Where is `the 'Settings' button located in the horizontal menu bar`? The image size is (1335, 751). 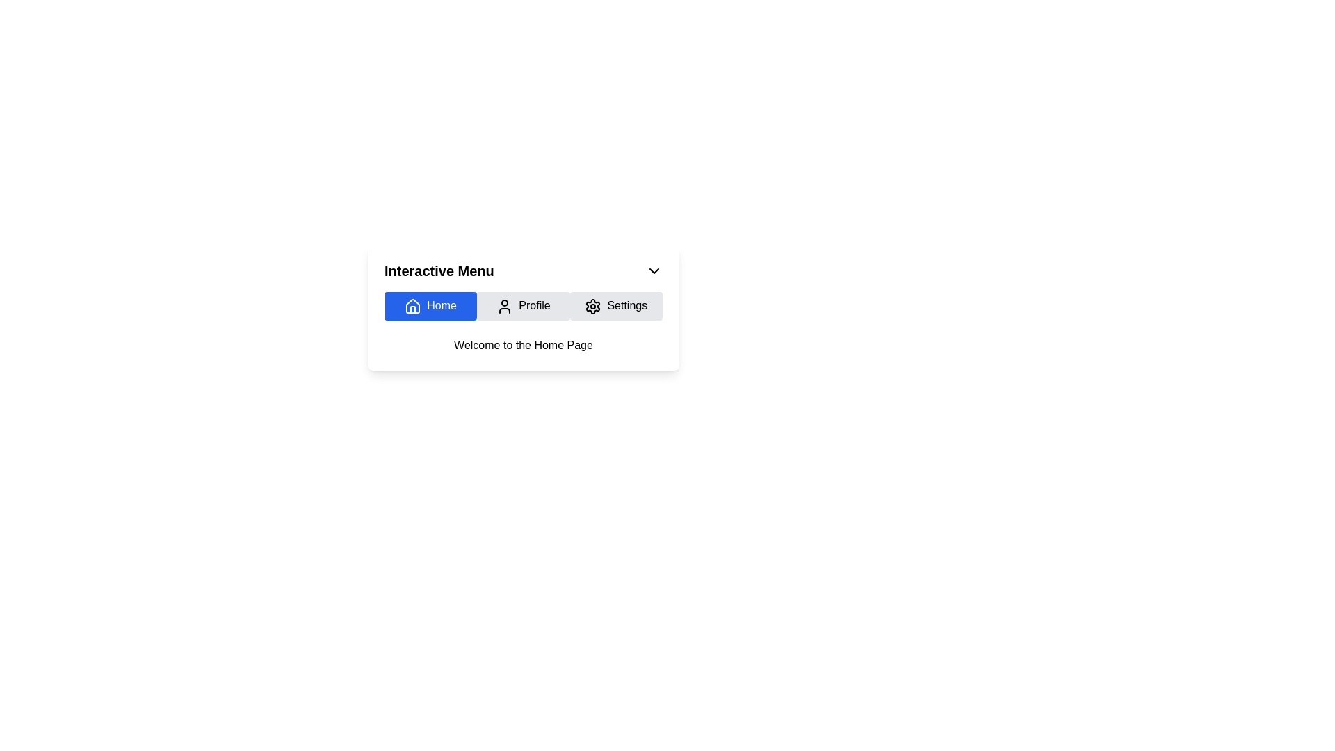
the 'Settings' button located in the horizontal menu bar is located at coordinates (615, 305).